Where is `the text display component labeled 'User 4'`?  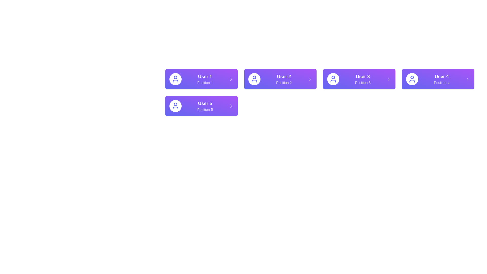
the text display component labeled 'User 4' is located at coordinates (441, 79).